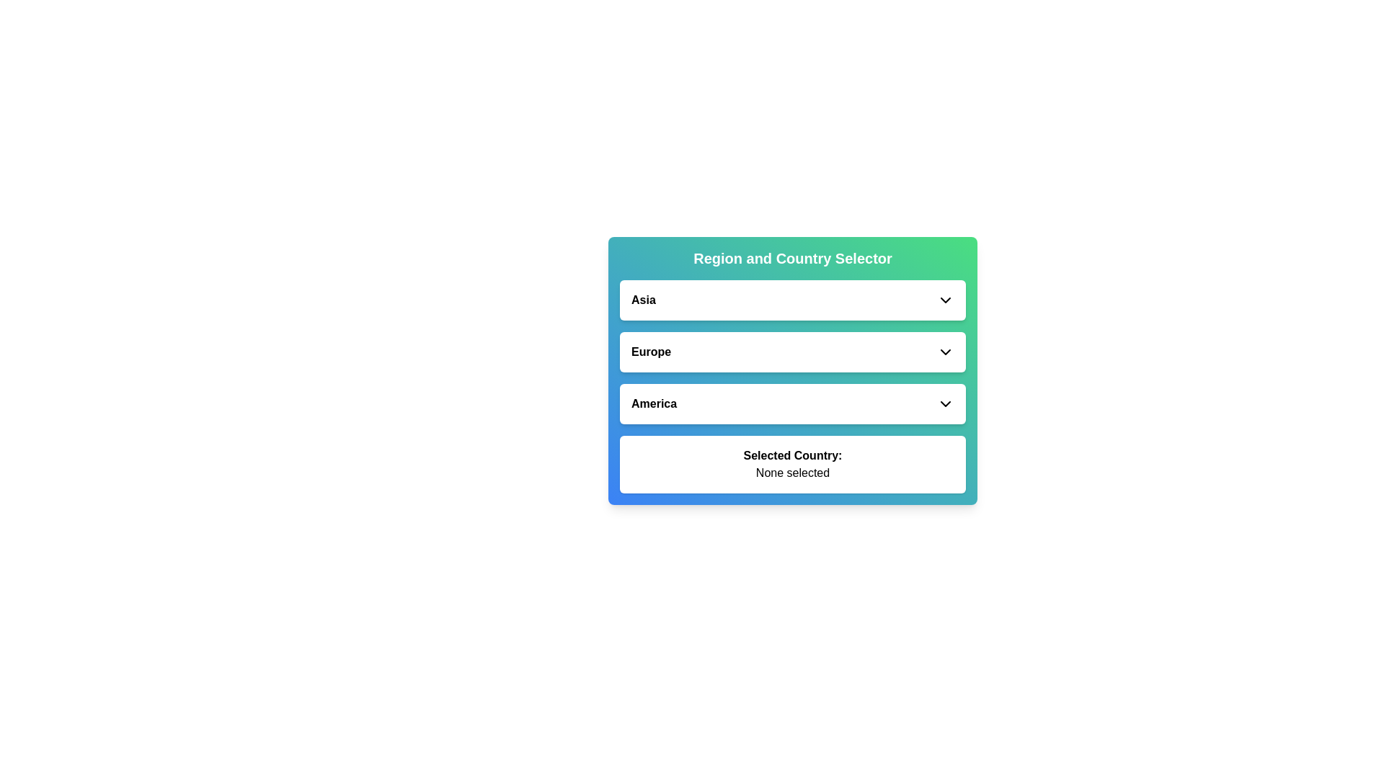 This screenshot has height=778, width=1384. I want to click on the downward-facing chevron icon in the dropdown selector row labeled 'America', so click(945, 403).